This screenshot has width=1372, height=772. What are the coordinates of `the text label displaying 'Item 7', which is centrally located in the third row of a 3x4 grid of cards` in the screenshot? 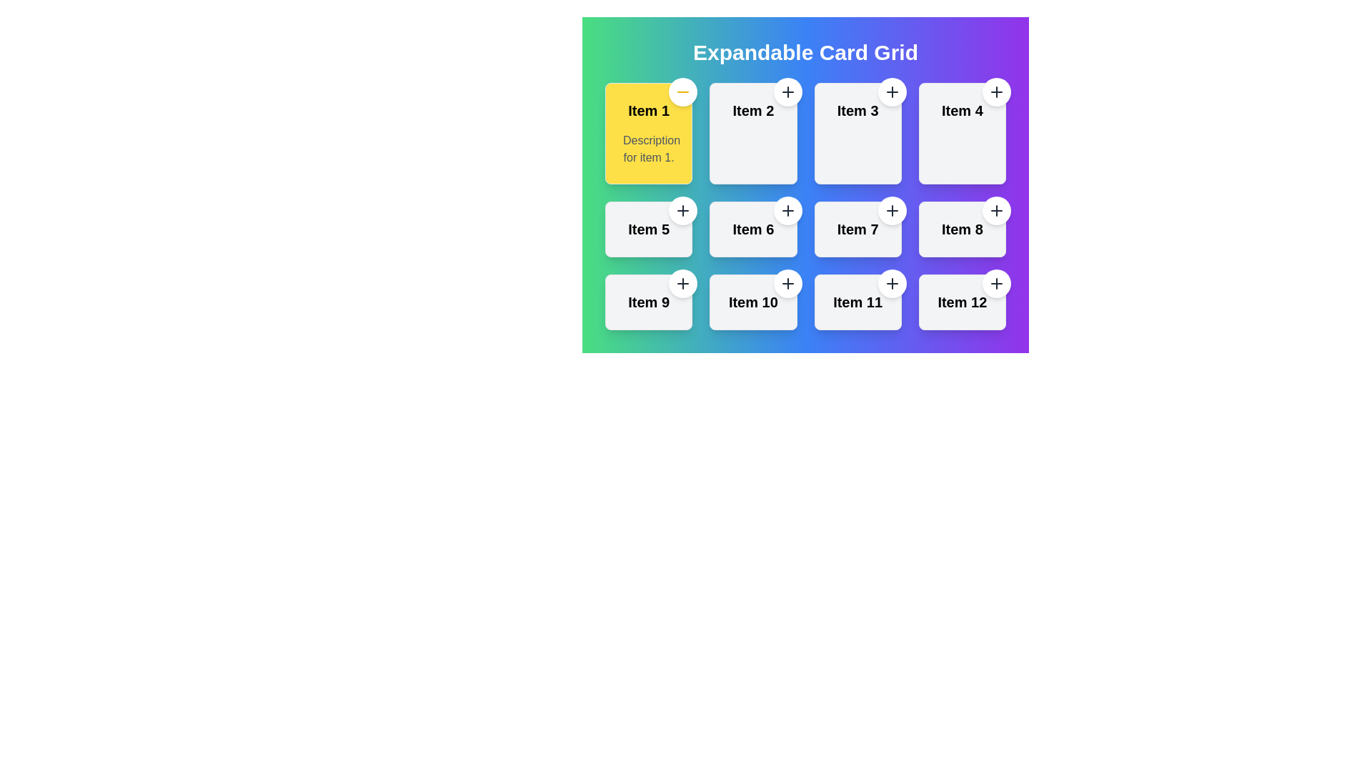 It's located at (857, 228).